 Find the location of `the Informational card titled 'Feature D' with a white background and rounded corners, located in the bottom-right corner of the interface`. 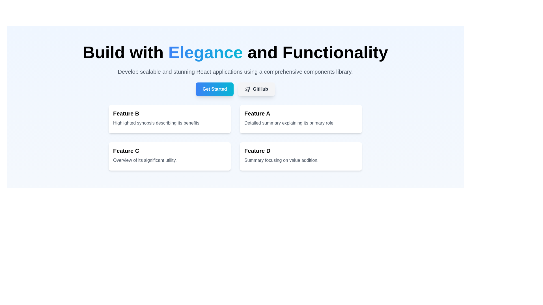

the Informational card titled 'Feature D' with a white background and rounded corners, located in the bottom-right corner of the interface is located at coordinates (301, 156).